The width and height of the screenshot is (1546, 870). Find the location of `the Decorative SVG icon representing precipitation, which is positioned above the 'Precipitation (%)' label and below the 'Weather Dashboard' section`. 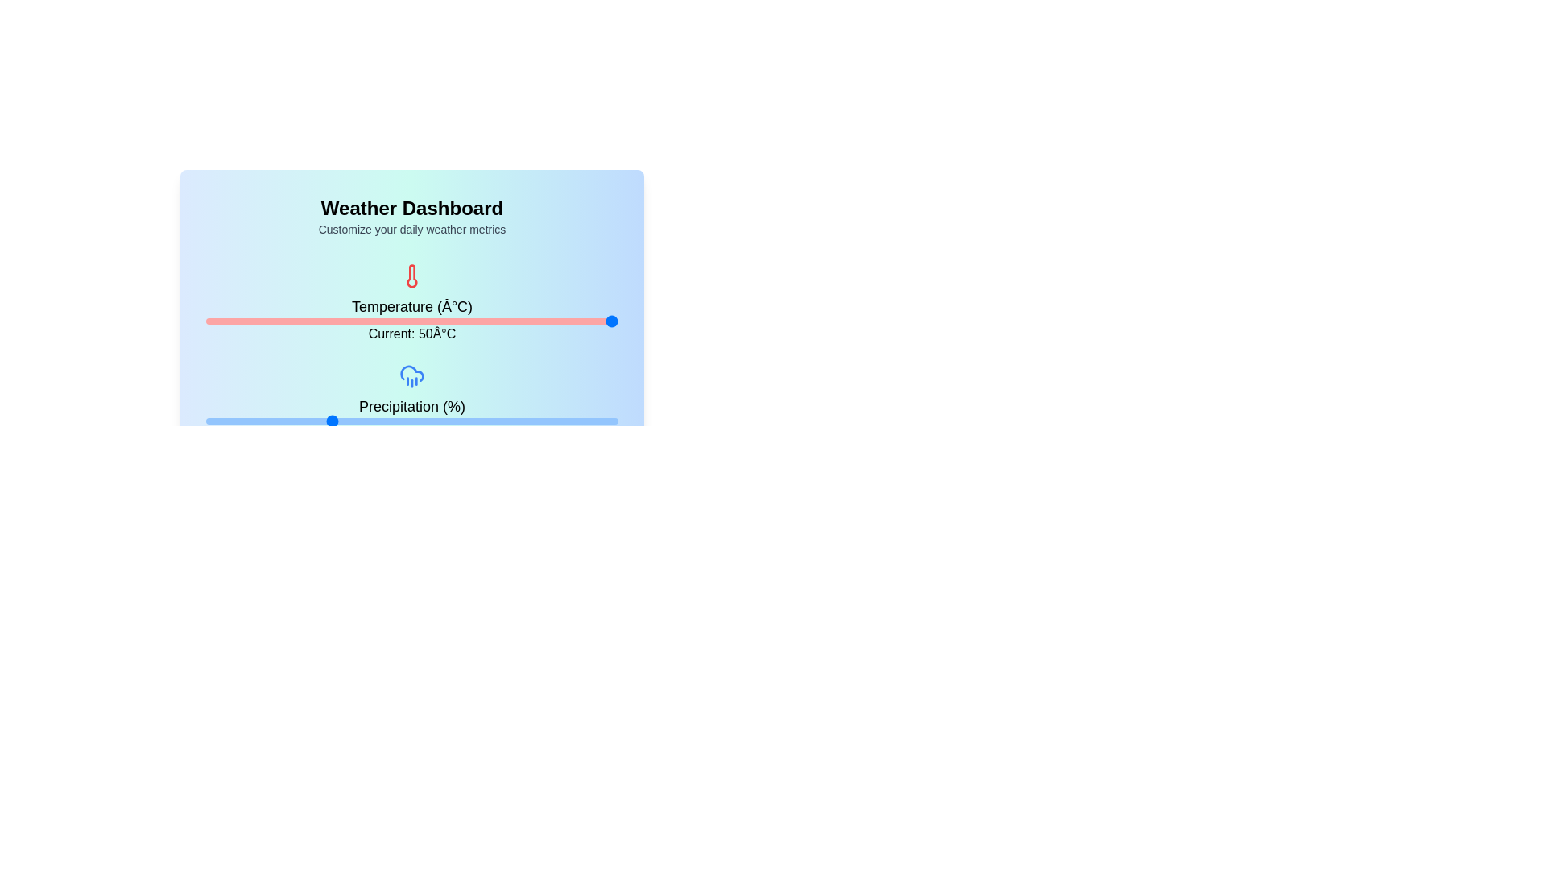

the Decorative SVG icon representing precipitation, which is positioned above the 'Precipitation (%)' label and below the 'Weather Dashboard' section is located at coordinates (412, 375).